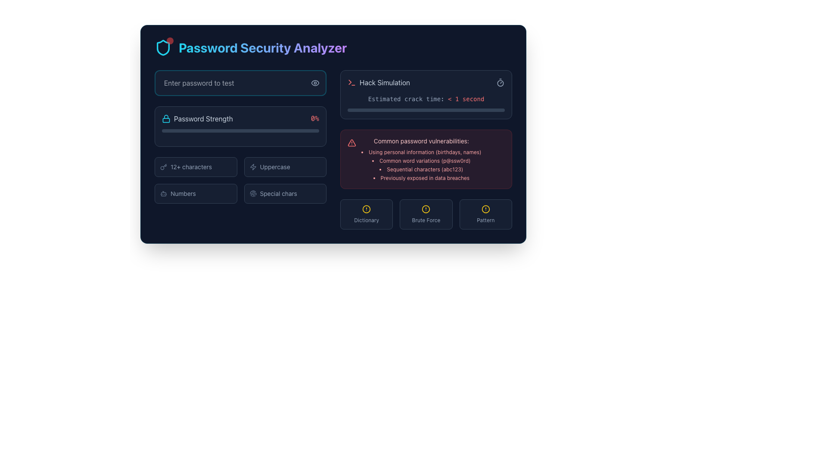  I want to click on the text element displaying 'Previously exposed in data breaches', so click(421, 177).